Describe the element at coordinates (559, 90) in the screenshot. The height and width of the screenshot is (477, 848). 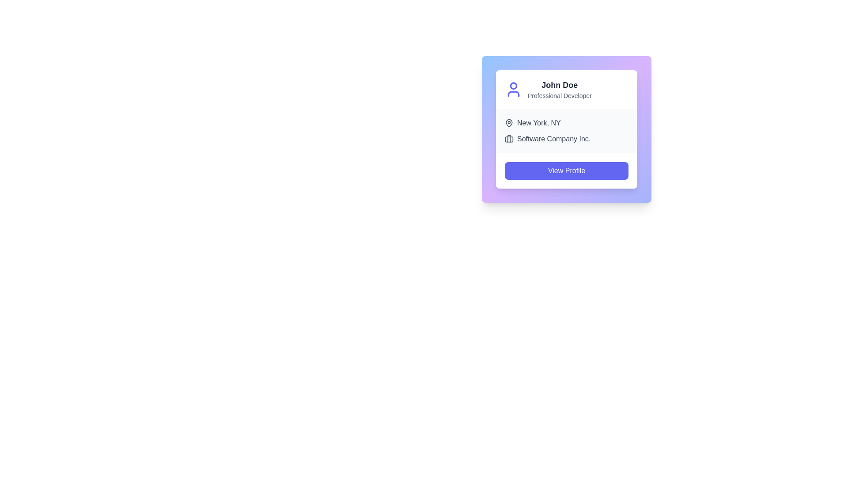
I see `the text display element that conveys the user's name and profession, located in the top-right segment of the profile card` at that location.